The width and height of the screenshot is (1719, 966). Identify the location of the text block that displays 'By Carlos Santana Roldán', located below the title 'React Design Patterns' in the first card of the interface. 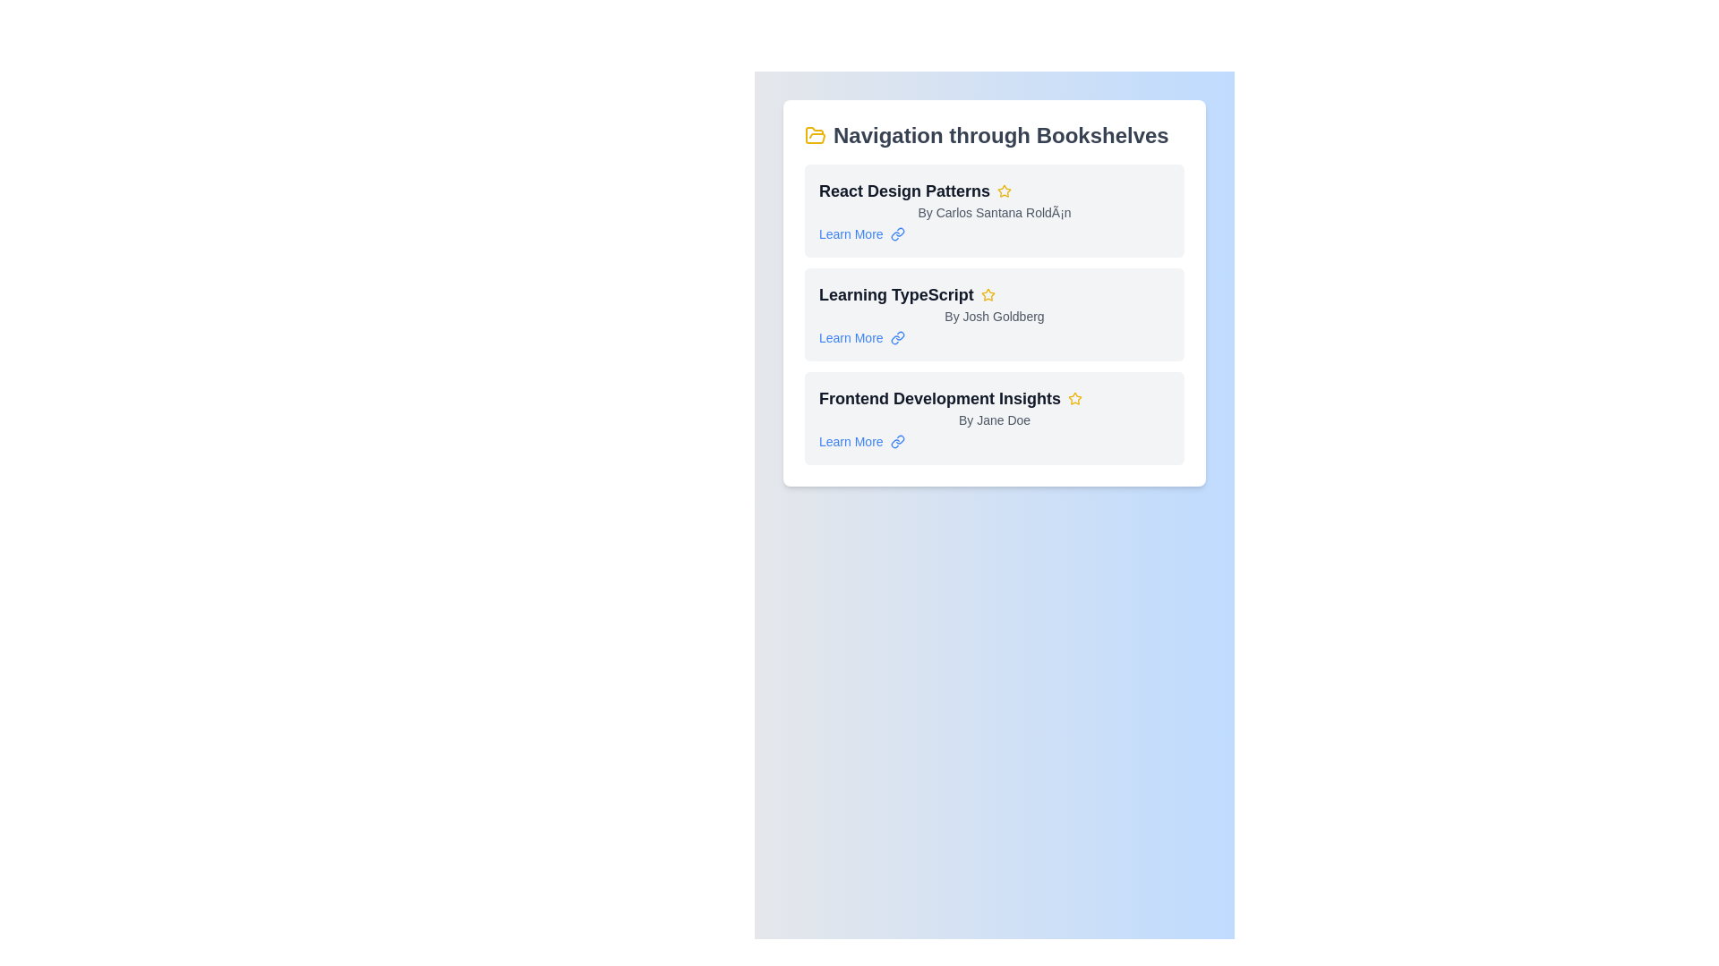
(993, 212).